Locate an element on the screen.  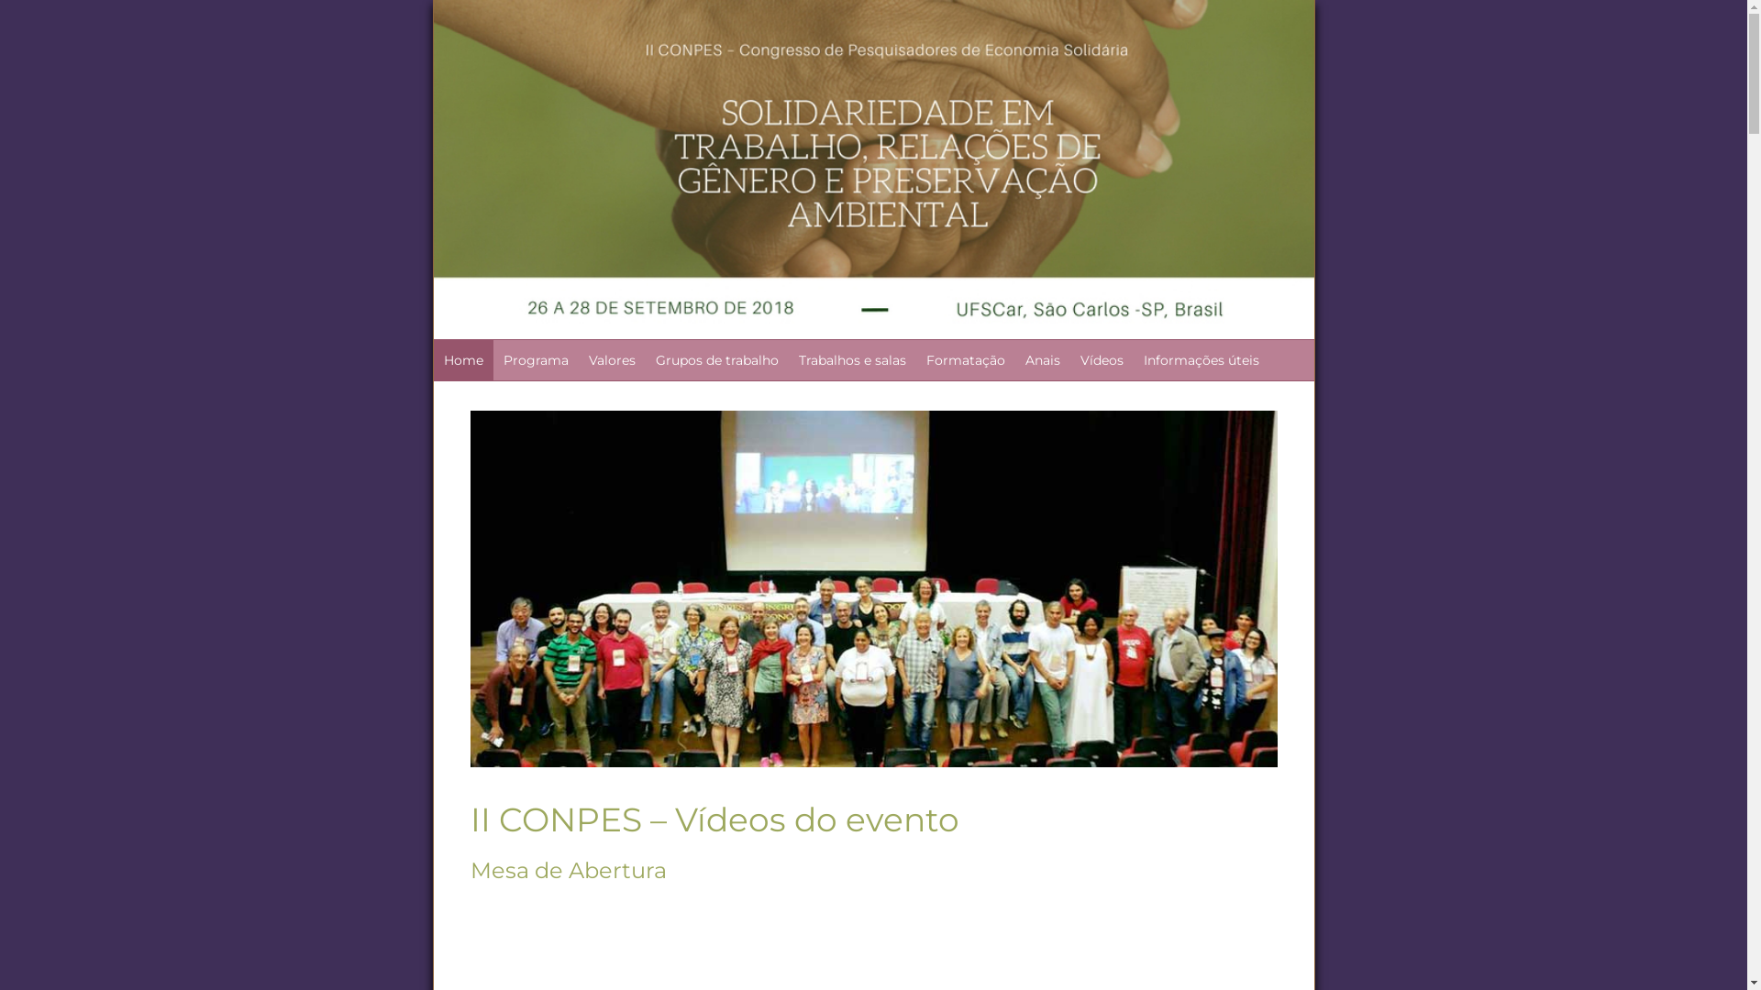
'Grupos de trabalho' is located at coordinates (646, 360).